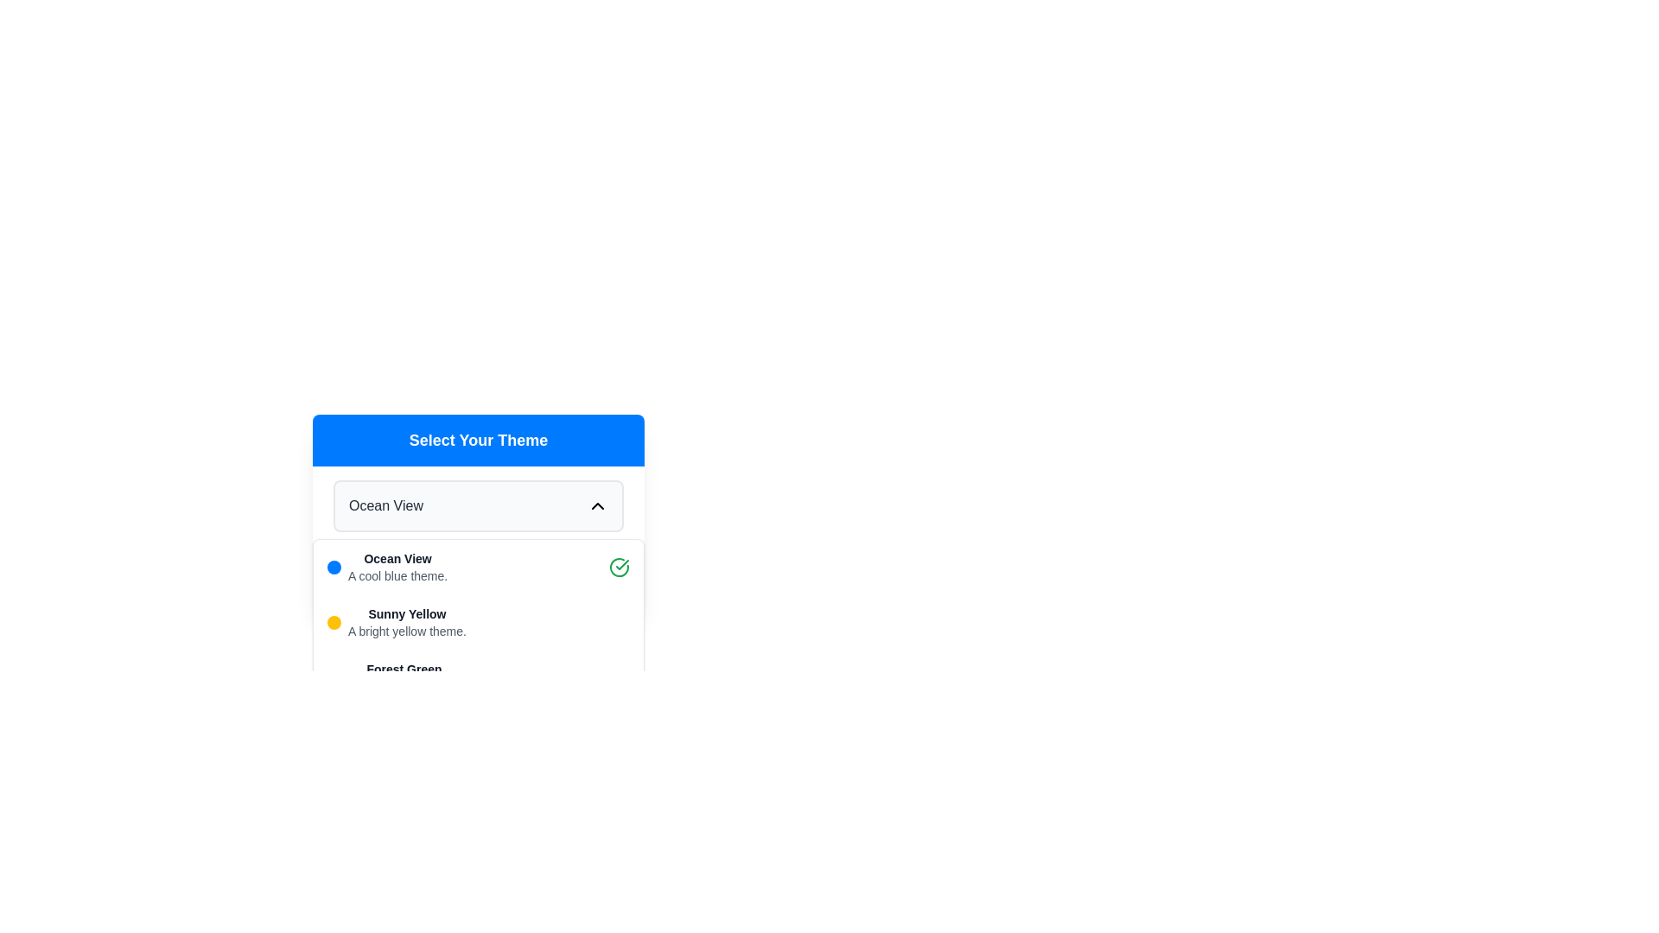 The height and width of the screenshot is (933, 1659). What do you see at coordinates (385, 505) in the screenshot?
I see `the text label displaying the name of the currently selected theme in the dropdown menu, which is located to the left of the downward-pointing chevron icon` at bounding box center [385, 505].